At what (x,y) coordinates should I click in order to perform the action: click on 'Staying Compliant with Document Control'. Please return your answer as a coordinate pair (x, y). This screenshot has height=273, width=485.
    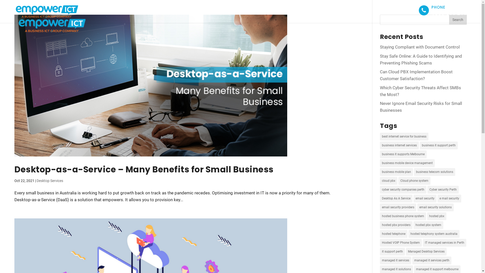
    Looking at the image, I should click on (420, 47).